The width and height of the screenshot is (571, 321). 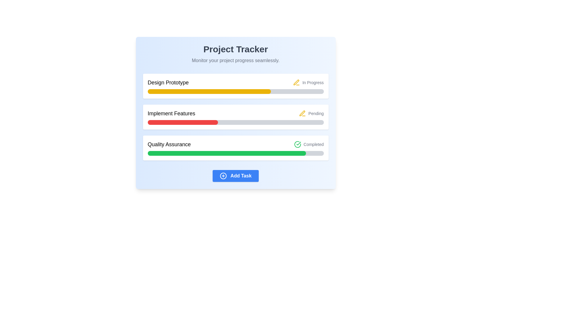 I want to click on text indicating the completion status of the 'Quality Assurance' task, which is positioned to the right of the checkmark icon within the 'Quality Assurance' section of the project tracker, so click(x=313, y=144).